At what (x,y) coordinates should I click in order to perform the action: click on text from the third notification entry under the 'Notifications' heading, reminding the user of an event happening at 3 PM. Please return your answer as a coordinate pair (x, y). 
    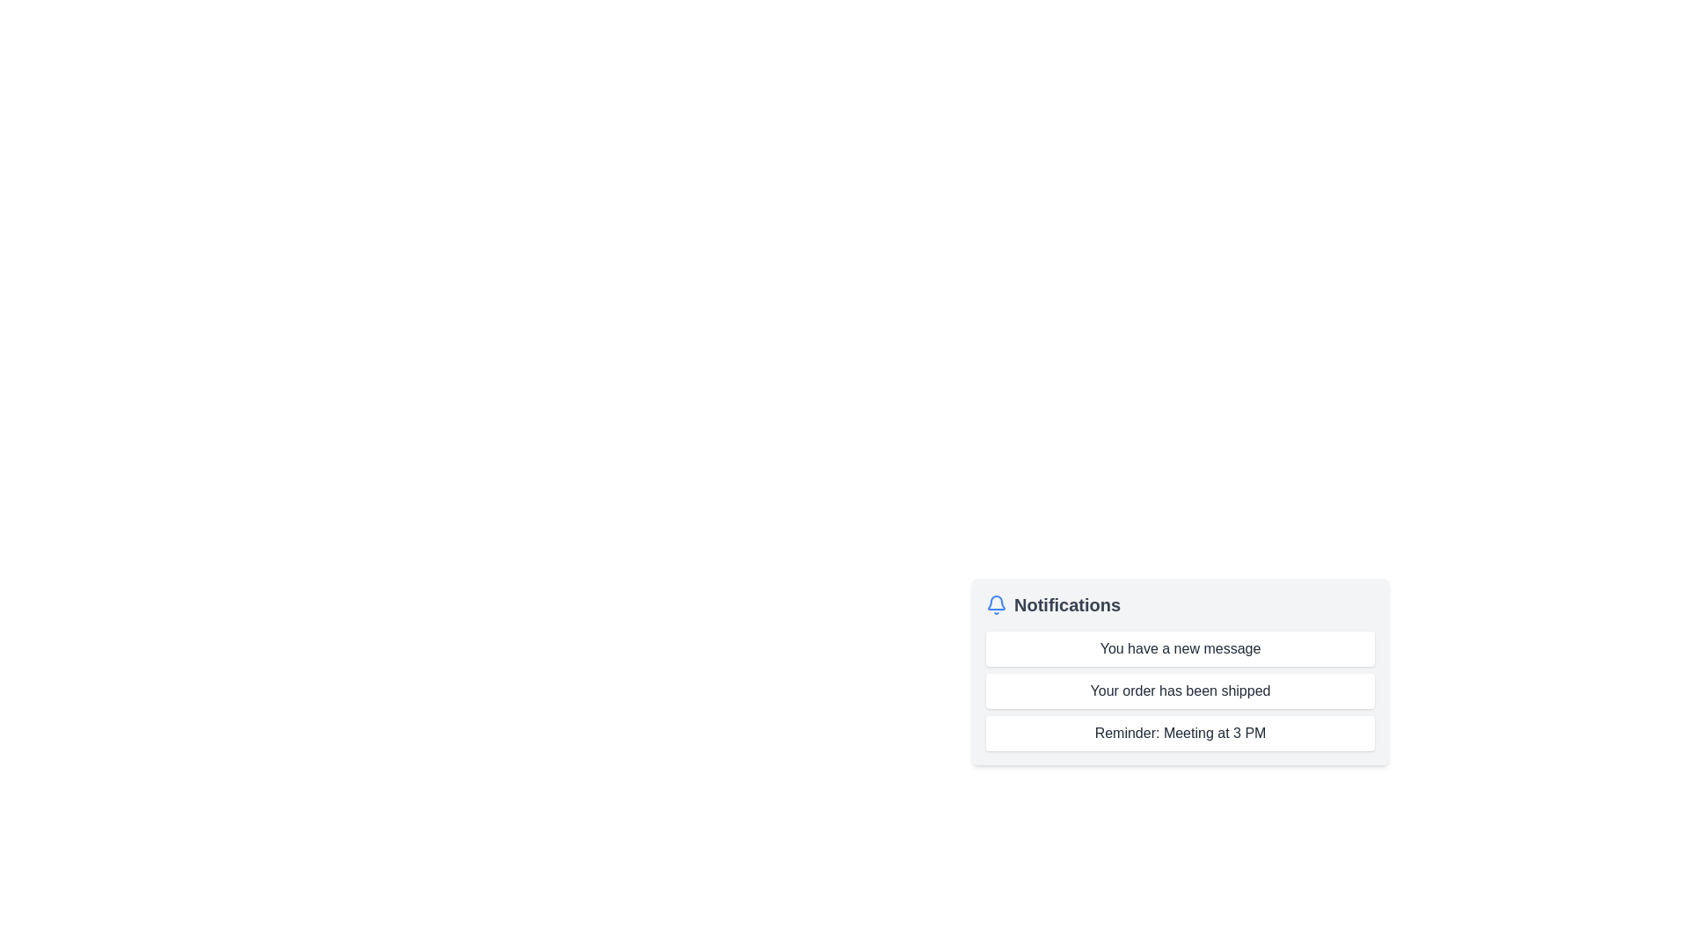
    Looking at the image, I should click on (1181, 733).